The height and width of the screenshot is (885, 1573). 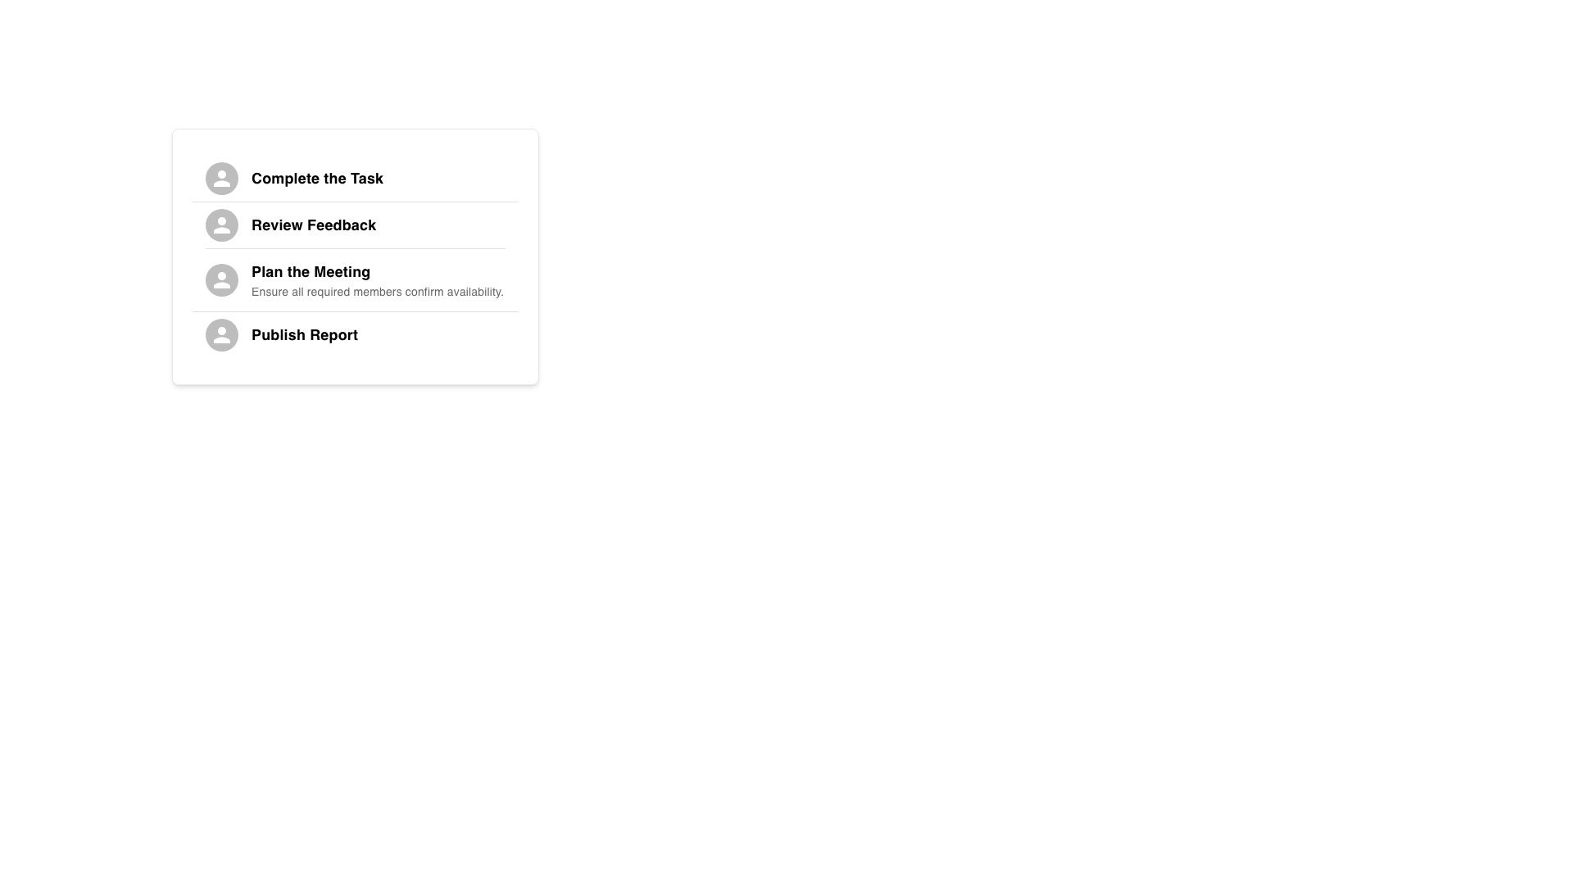 I want to click on the Svg Icon embedded within the avatar next to the 'Review Feedback' menu item to interact with it, so click(x=220, y=225).